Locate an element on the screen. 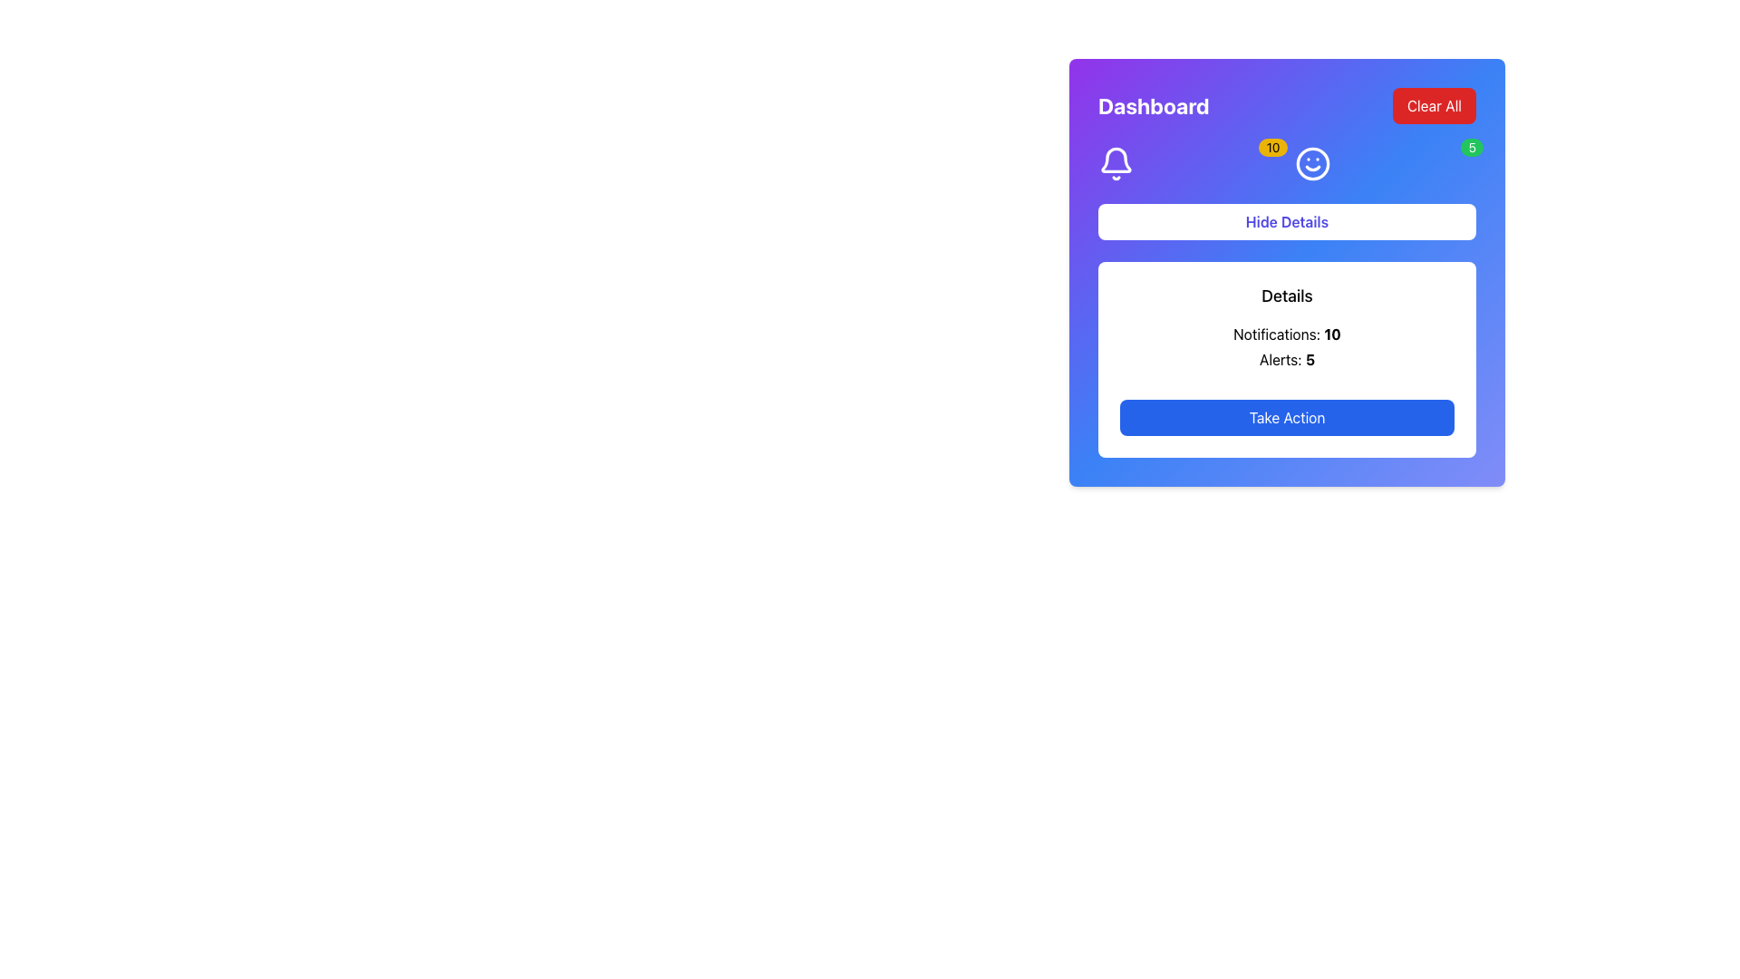  the smiley face icon located in the top-right corner of the dashboard, near the 'Clear All' button and beneath a green indicator labeled '5' is located at coordinates (1312, 164).